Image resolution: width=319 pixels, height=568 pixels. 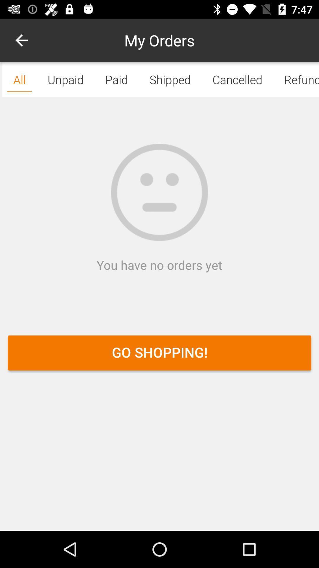 What do you see at coordinates (21, 40) in the screenshot?
I see `the icon above all icon` at bounding box center [21, 40].